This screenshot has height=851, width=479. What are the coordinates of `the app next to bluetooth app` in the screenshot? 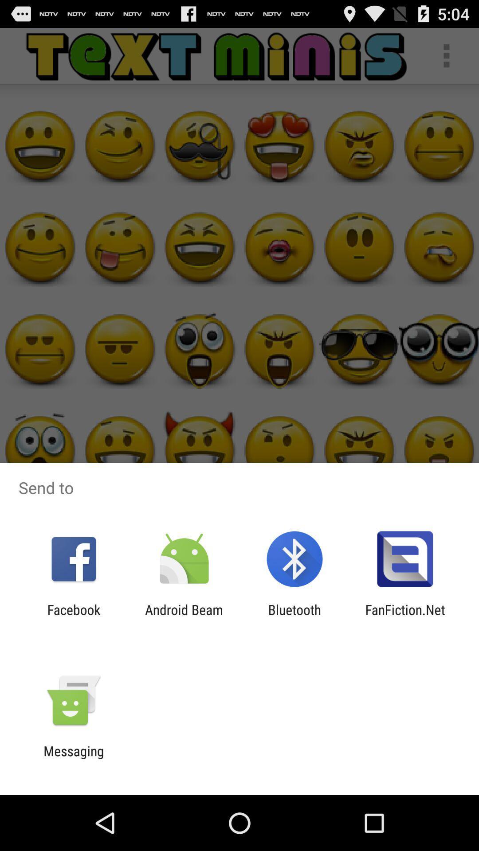 It's located at (184, 617).